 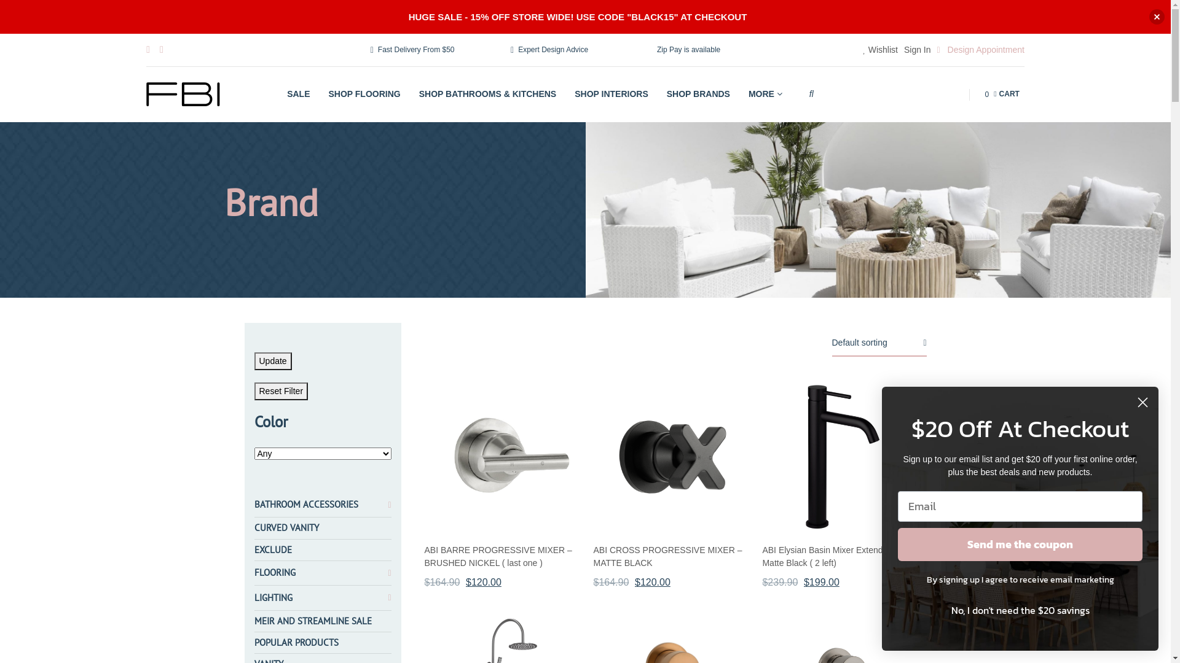 I want to click on 'Flooring Bathrooms Interiors', so click(x=182, y=93).